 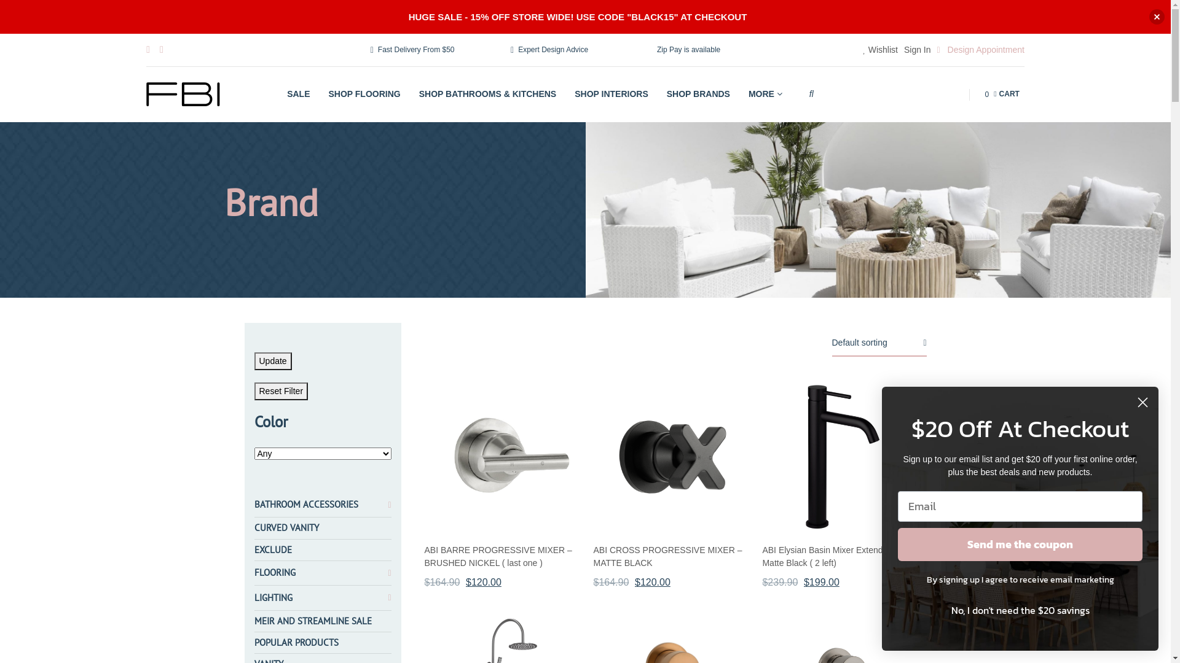 I want to click on 'Flooring Bathrooms Interiors', so click(x=182, y=93).